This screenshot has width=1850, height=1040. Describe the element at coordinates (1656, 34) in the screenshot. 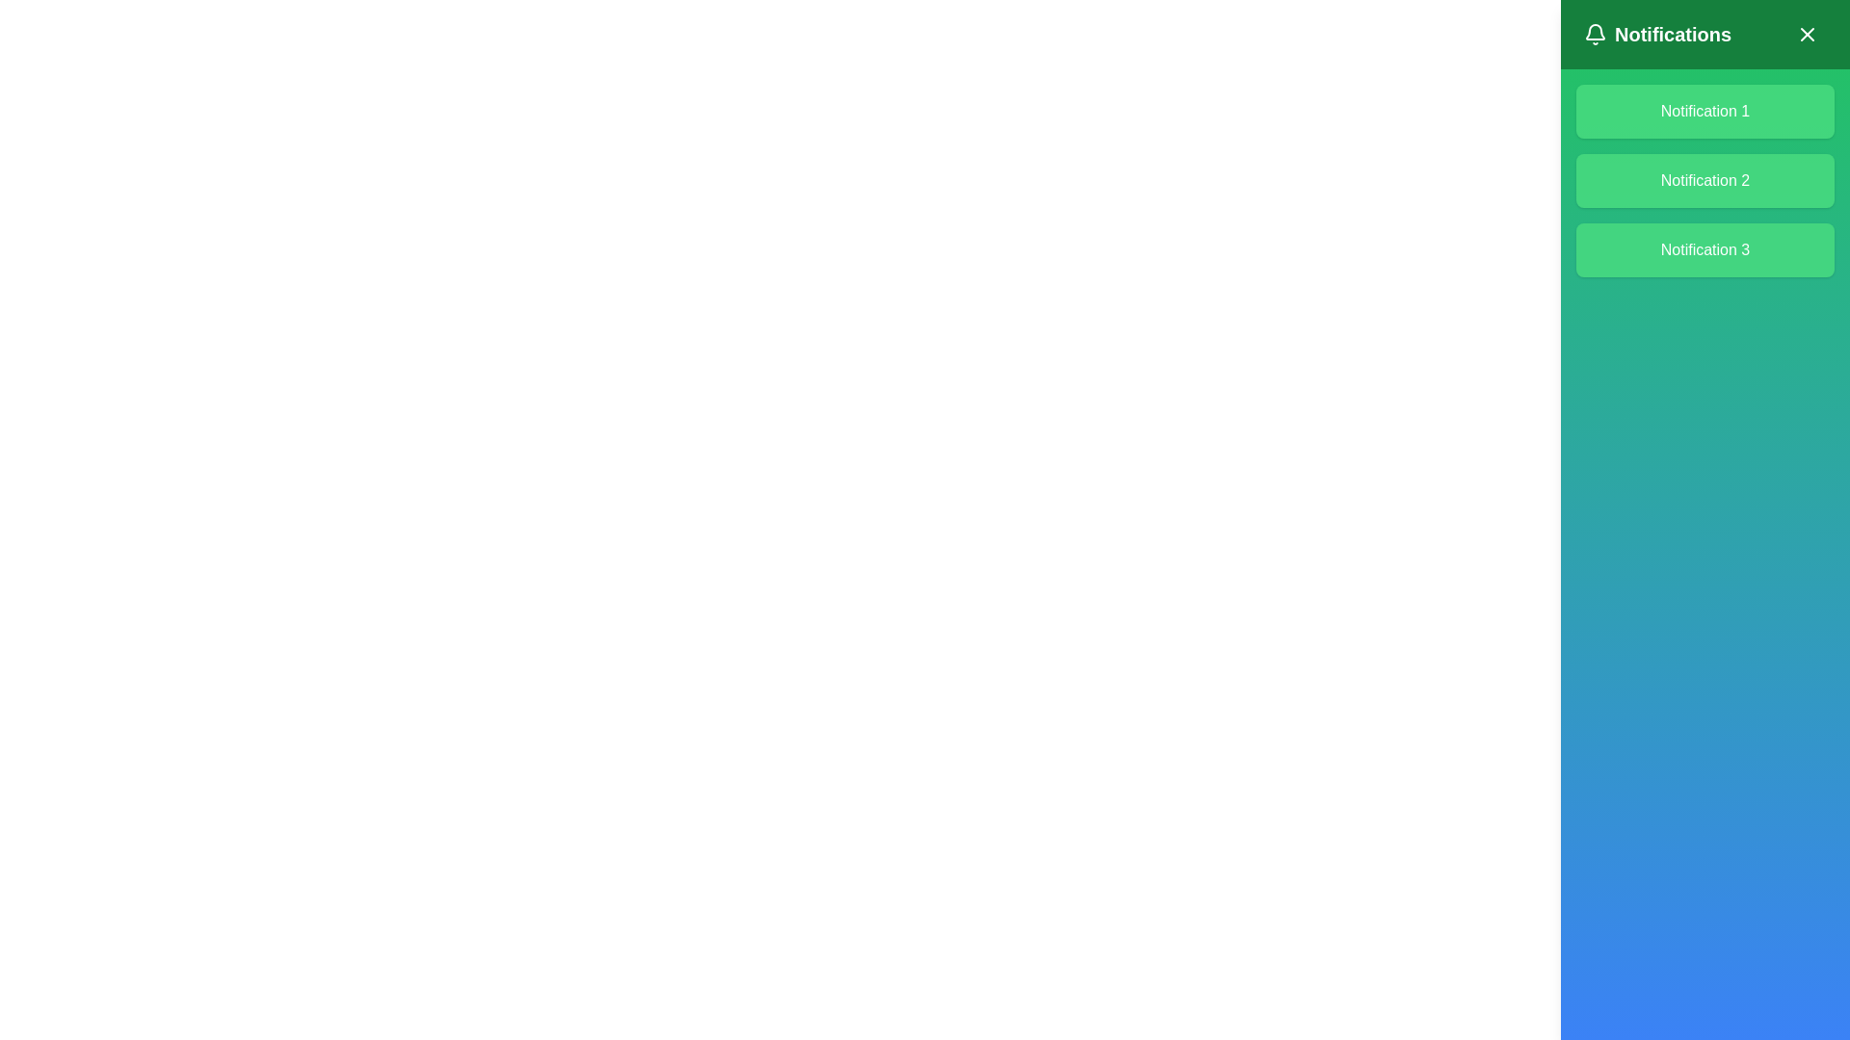

I see `the 'Notifications' label text component, which is styled with a bold and large font, displaying the word 'Notifications' in white on a green background, located at the top left of the green header bar` at that location.